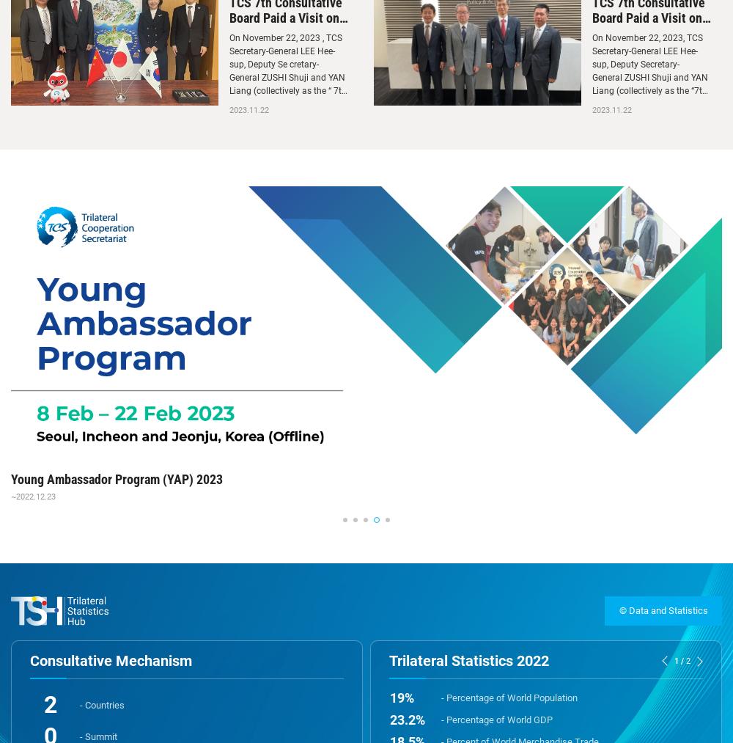 The height and width of the screenshot is (743, 733). I want to click on '16.1', so click(402, 654).